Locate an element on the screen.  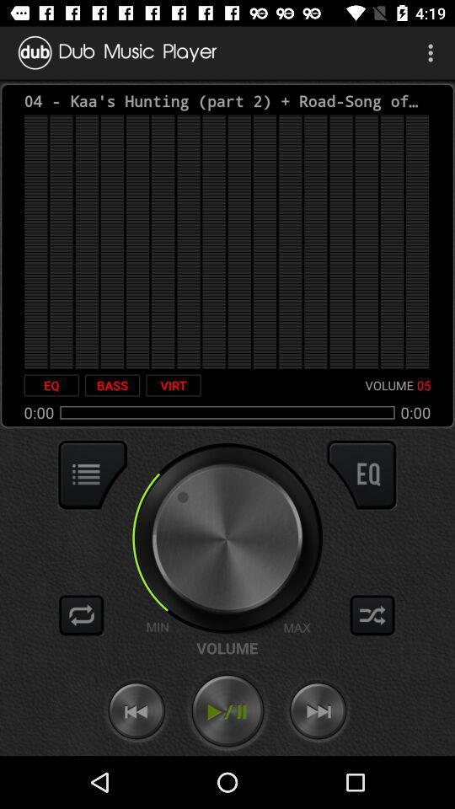
move forward is located at coordinates (318, 710).